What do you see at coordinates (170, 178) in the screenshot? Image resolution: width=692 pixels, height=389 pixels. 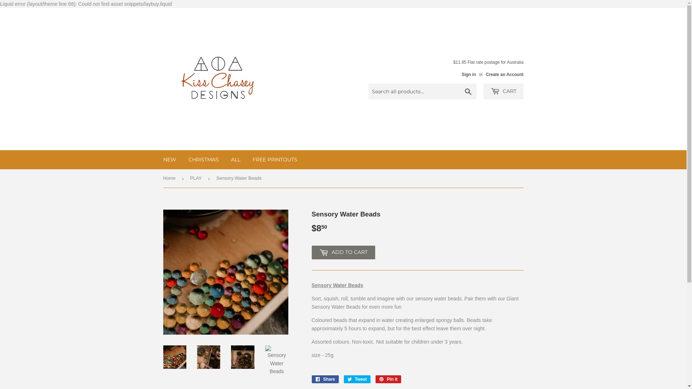 I see `'Home'` at bounding box center [170, 178].